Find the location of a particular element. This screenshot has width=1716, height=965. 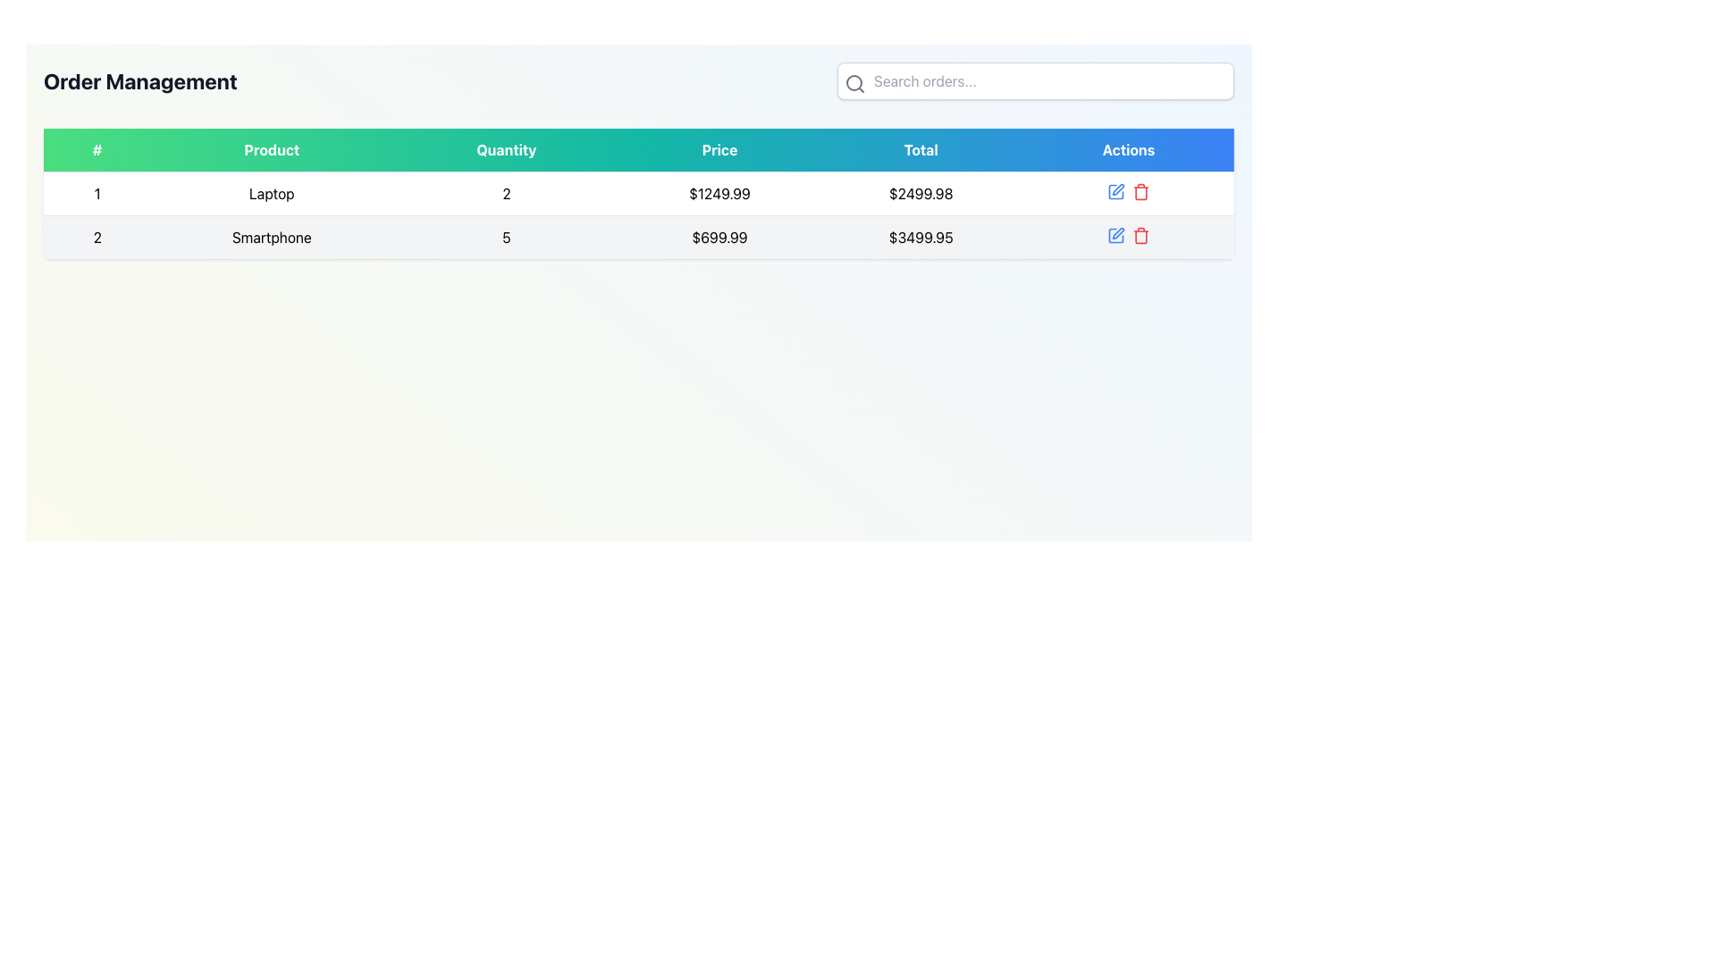

the Text label acting as the fifth column header in the table, which indicates the total cost for an item, located between the 'Price' and 'Actions' columns is located at coordinates (921, 149).